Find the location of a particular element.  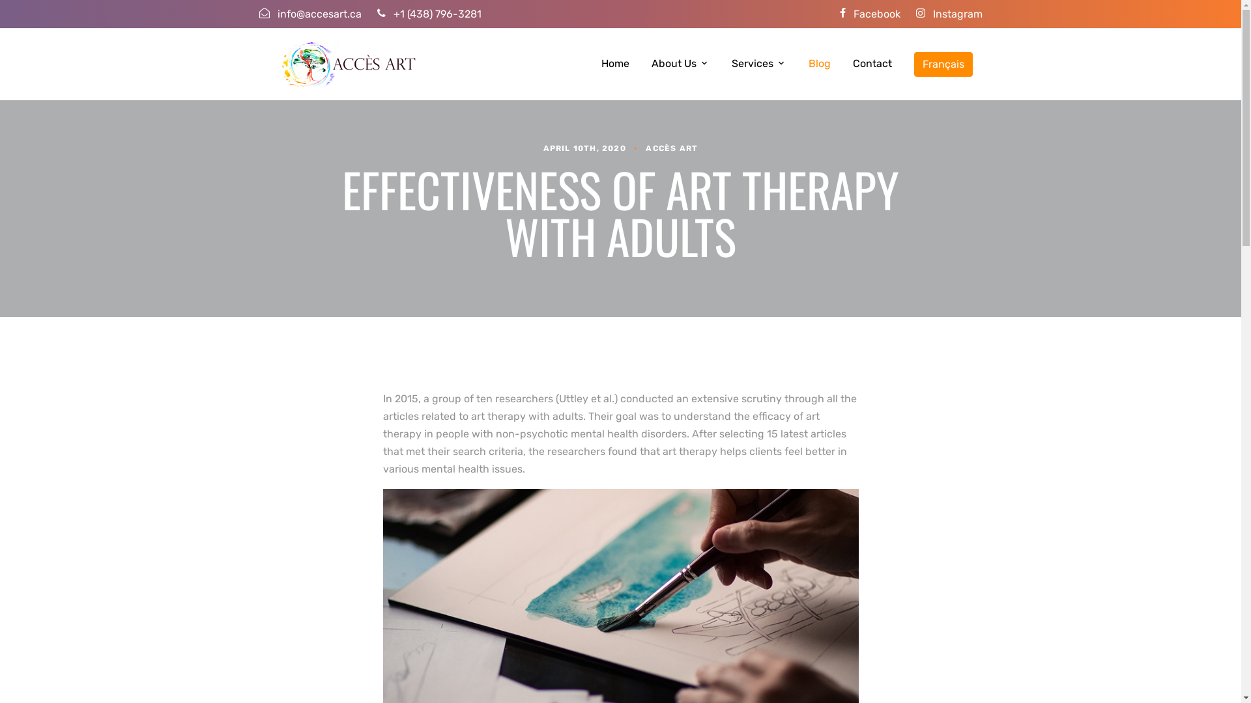

'Home' is located at coordinates (614, 63).